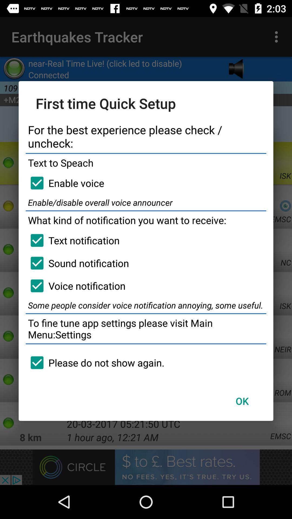  Describe the element at coordinates (95, 362) in the screenshot. I see `the please do not` at that location.